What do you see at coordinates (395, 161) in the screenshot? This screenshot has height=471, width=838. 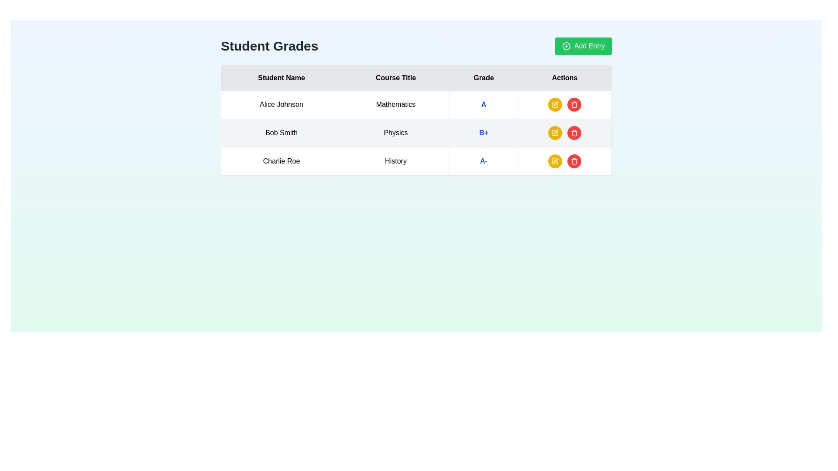 I see `the text label displaying the course title associated with Charlie Roe, which is located in the second column of the third row of a table, following the 'Student Name' column and preceding the 'Grade' column` at bounding box center [395, 161].